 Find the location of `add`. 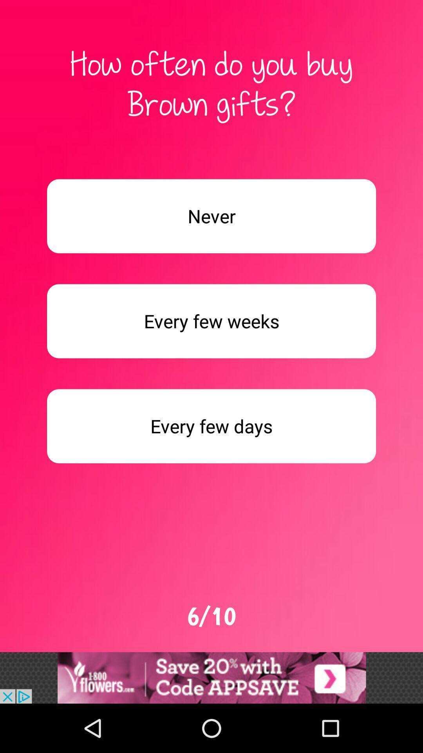

add is located at coordinates (211, 677).